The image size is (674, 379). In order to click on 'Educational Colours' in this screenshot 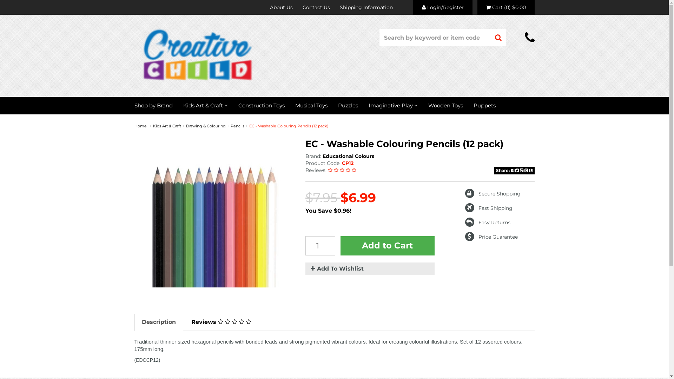, I will do `click(348, 155)`.